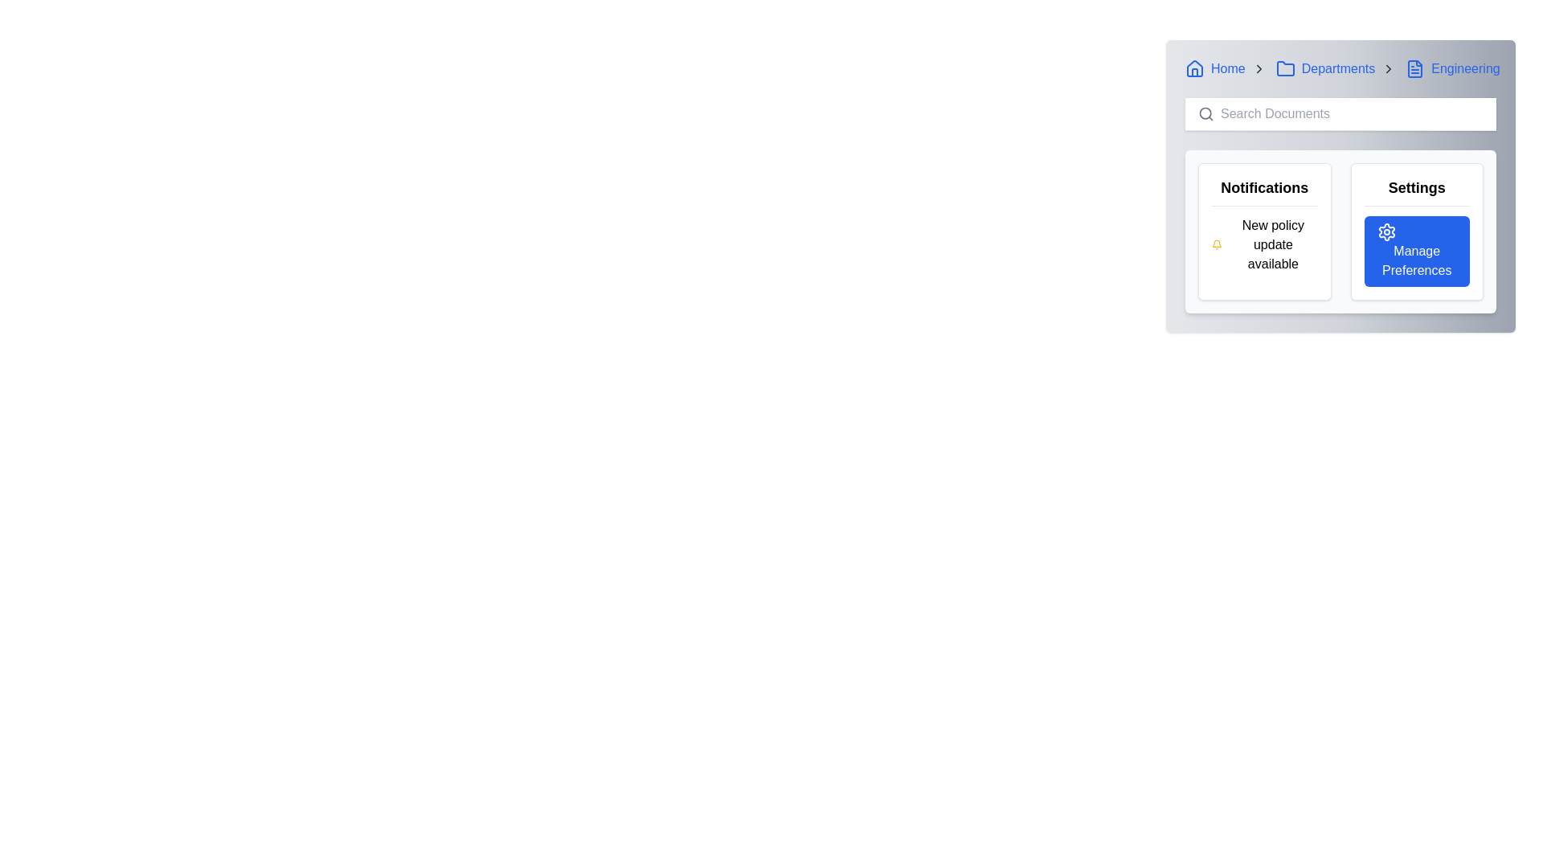  What do you see at coordinates (1258, 68) in the screenshot?
I see `the right-facing chevron icon within the SVG component located in the header bar, which separates the 'Departments' and 'Engineering' labels` at bounding box center [1258, 68].